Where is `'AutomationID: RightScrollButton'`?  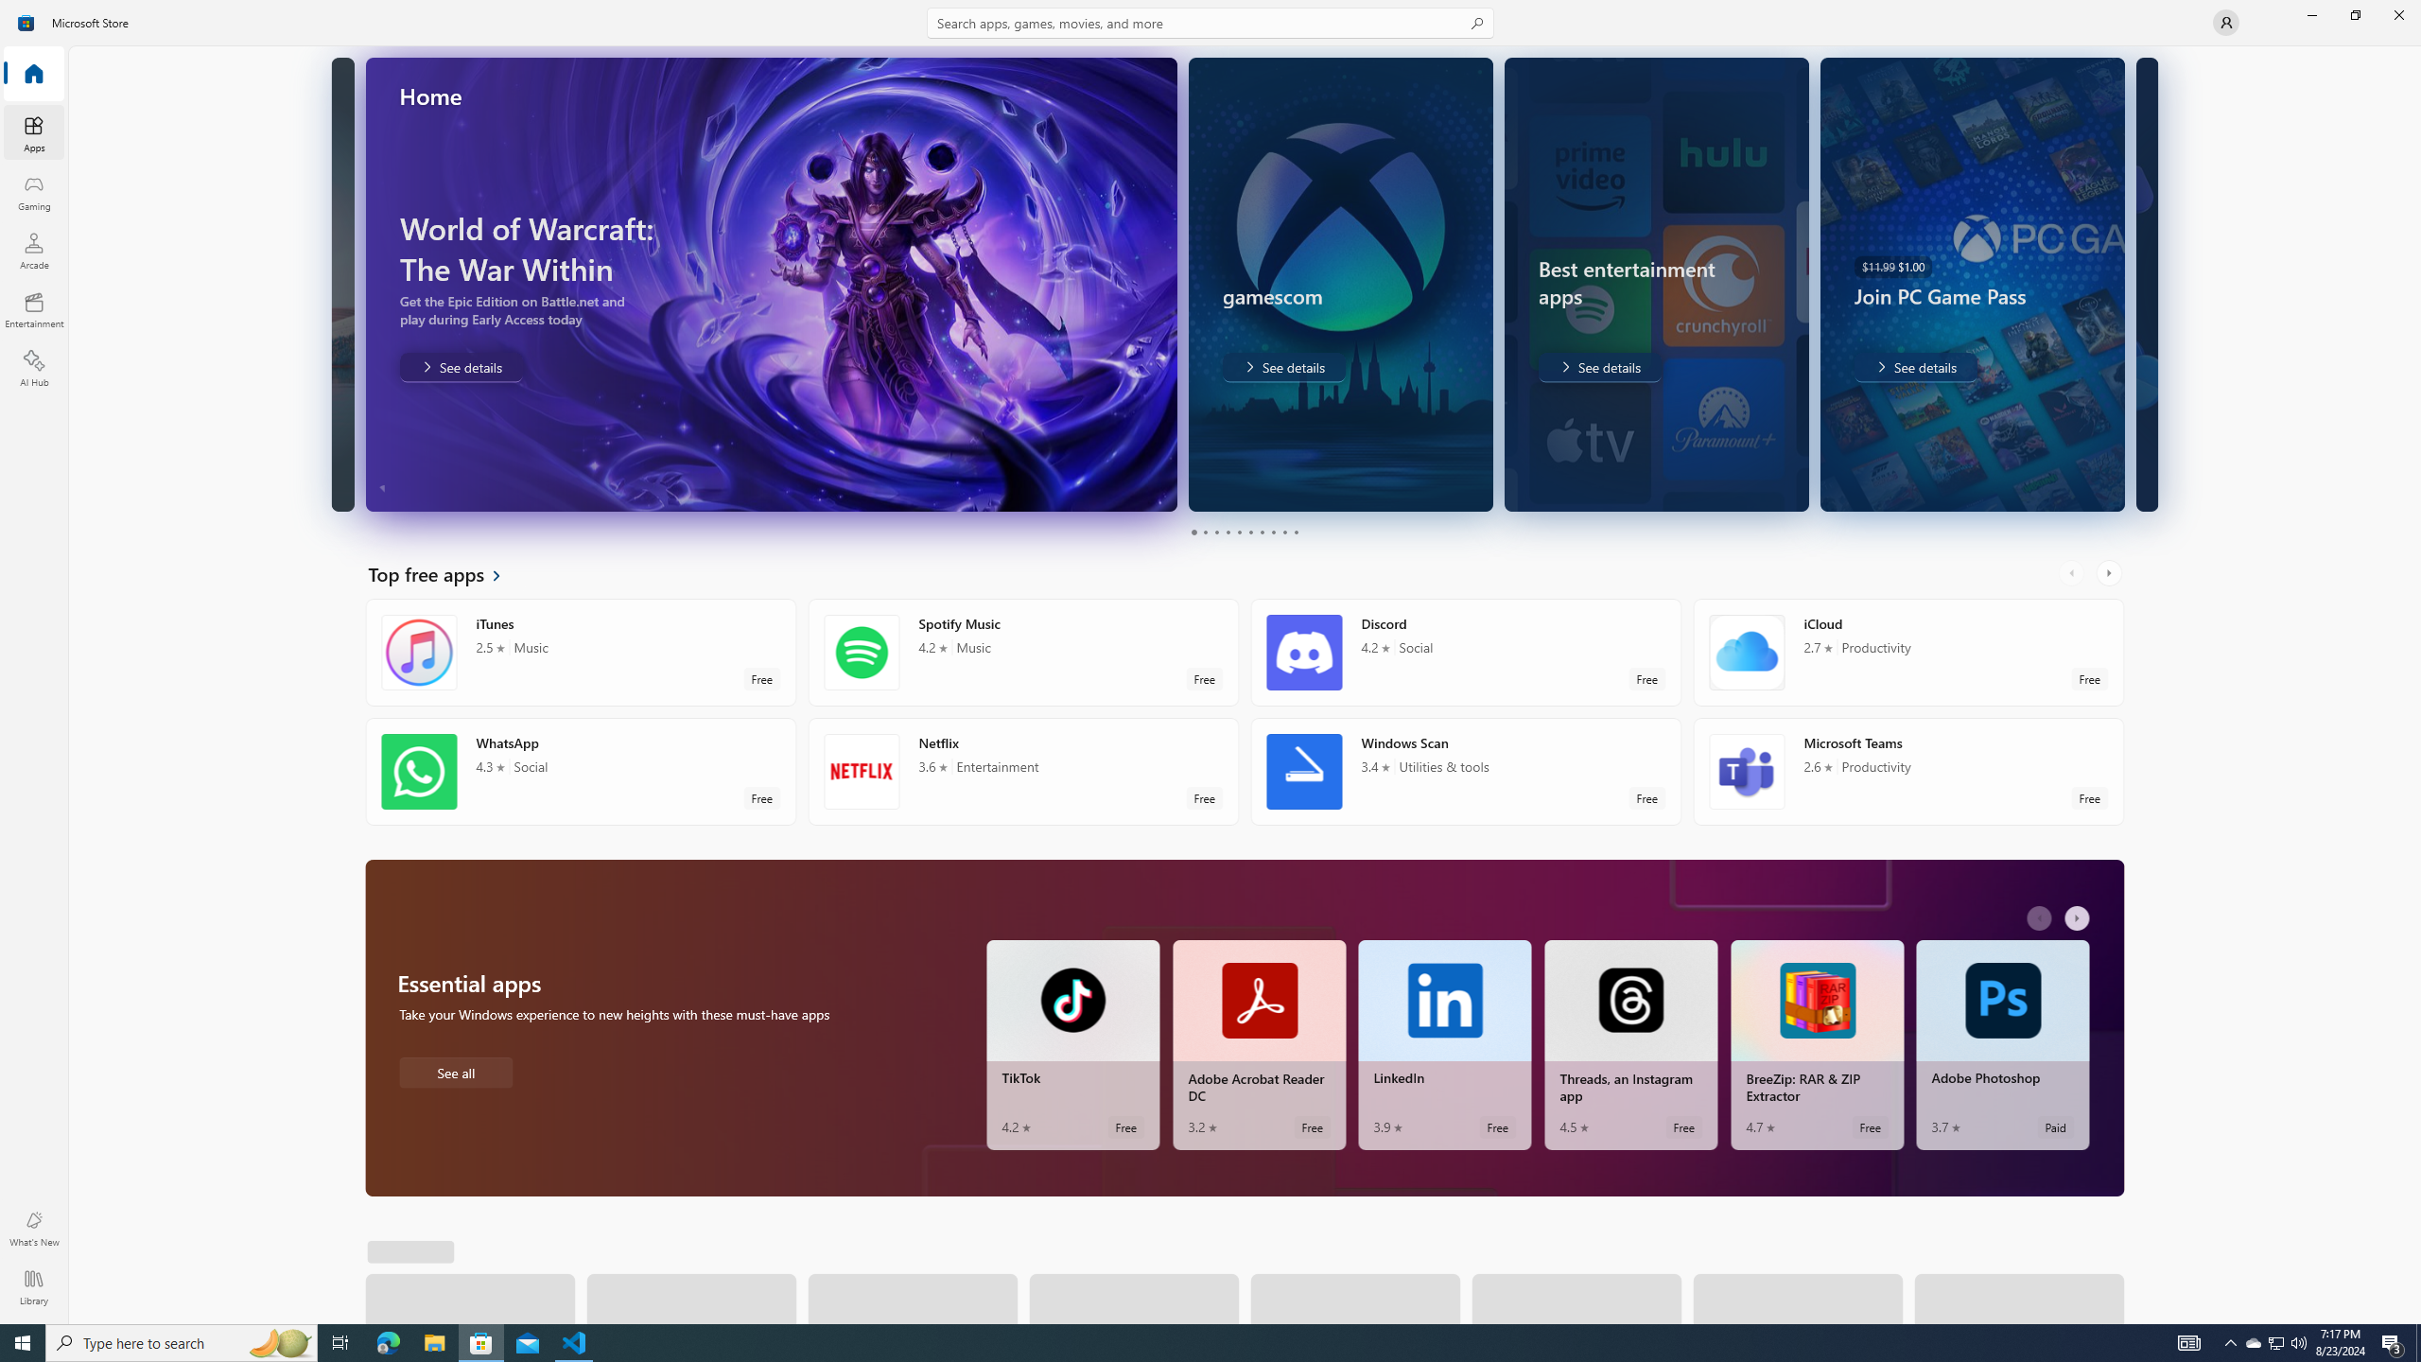
'AutomationID: RightScrollButton' is located at coordinates (2079, 917).